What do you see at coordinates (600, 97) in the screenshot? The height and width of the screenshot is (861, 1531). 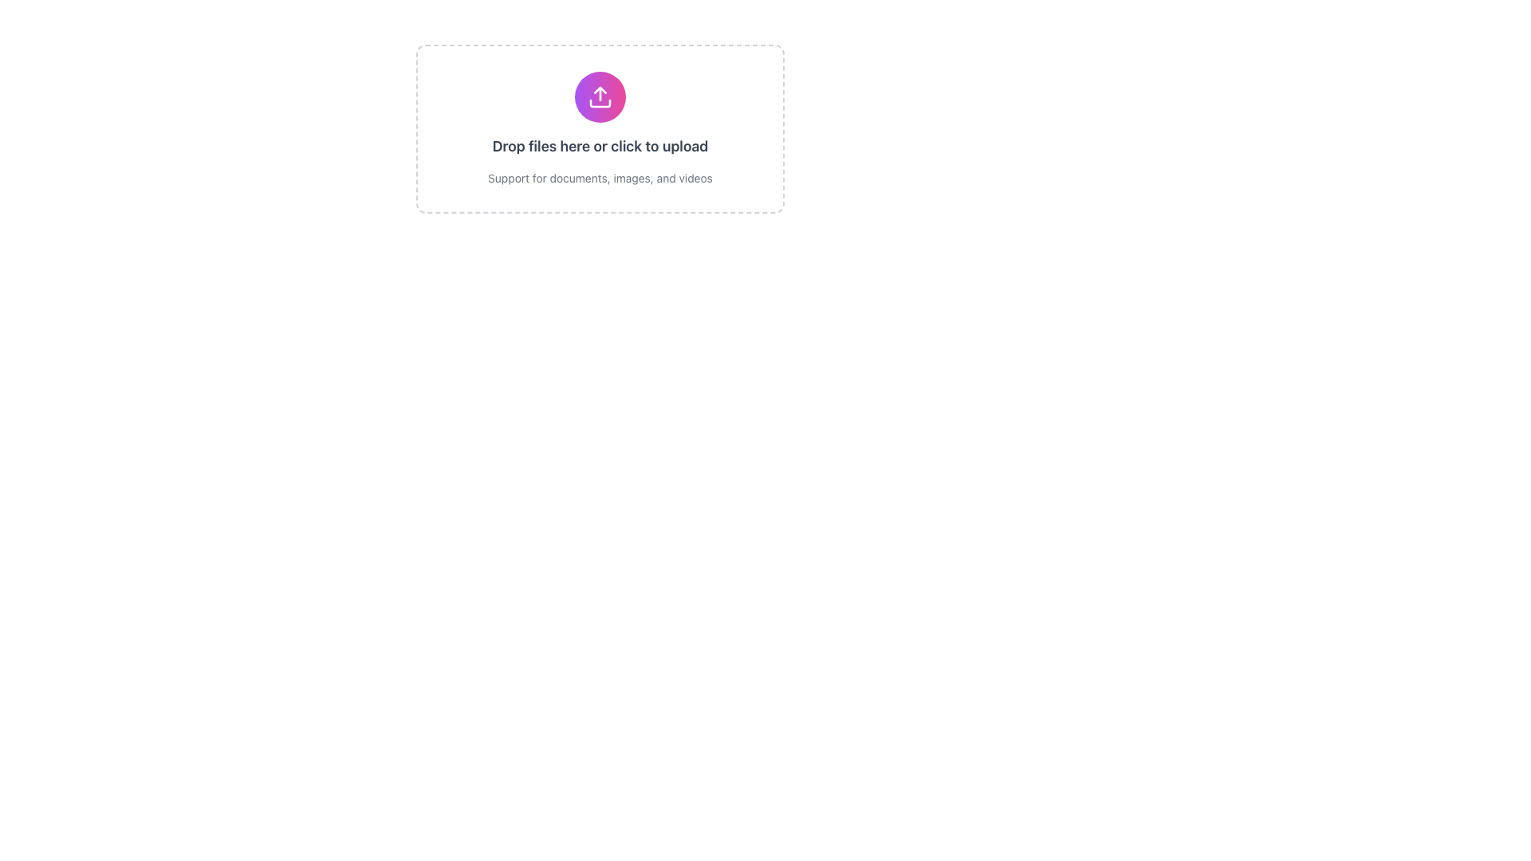 I see `the minimalistic upload icon, which is an upward arrow within a circular gradient background` at bounding box center [600, 97].